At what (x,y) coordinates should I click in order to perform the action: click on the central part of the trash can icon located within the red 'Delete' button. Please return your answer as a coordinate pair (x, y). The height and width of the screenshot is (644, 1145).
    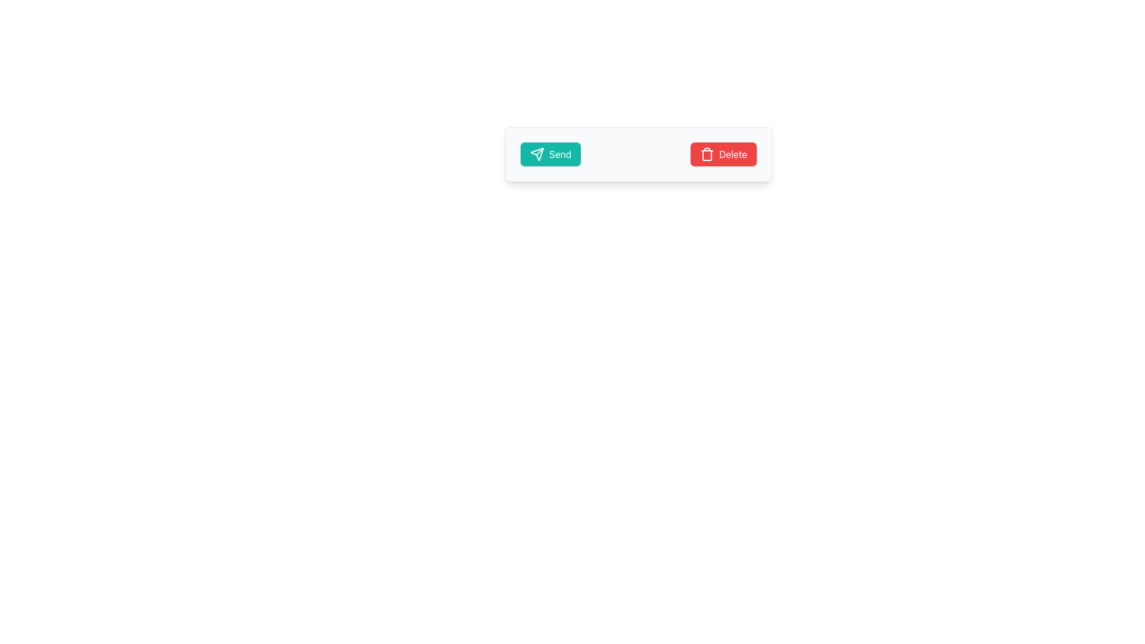
    Looking at the image, I should click on (707, 155).